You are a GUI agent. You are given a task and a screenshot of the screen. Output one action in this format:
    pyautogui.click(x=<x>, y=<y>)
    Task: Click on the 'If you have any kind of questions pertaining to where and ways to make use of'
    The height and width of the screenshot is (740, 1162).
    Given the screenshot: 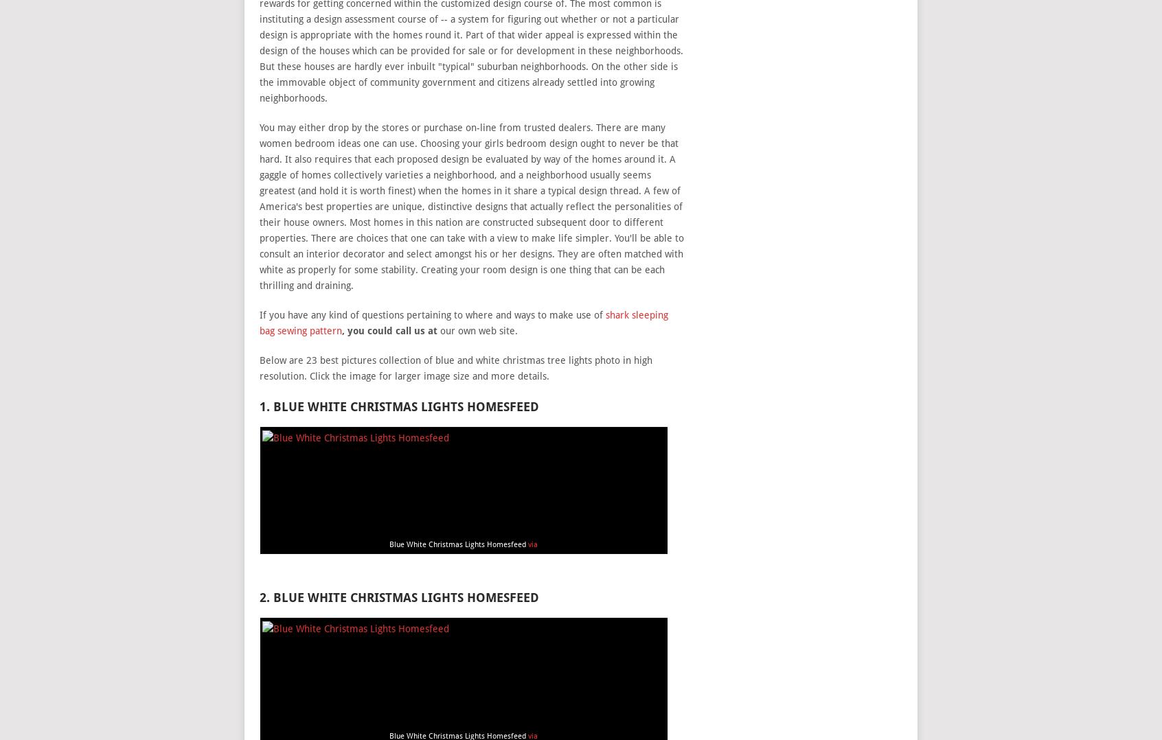 What is the action you would take?
    pyautogui.click(x=431, y=314)
    